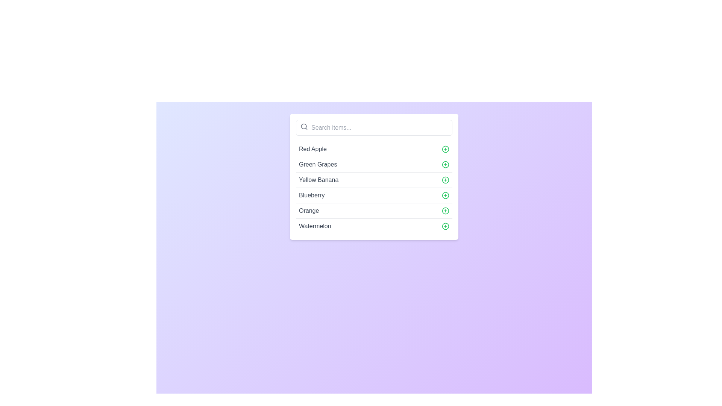  I want to click on the circular green icon with a plus symbol, so click(446, 180).